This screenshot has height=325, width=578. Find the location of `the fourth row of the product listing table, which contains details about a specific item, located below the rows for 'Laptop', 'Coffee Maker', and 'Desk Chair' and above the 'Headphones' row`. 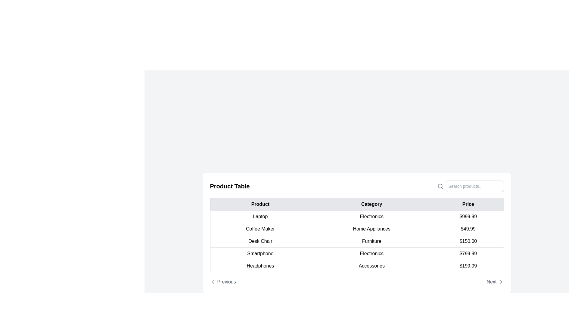

the fourth row of the product listing table, which contains details about a specific item, located below the rows for 'Laptop', 'Coffee Maker', and 'Desk Chair' and above the 'Headphones' row is located at coordinates (357, 253).